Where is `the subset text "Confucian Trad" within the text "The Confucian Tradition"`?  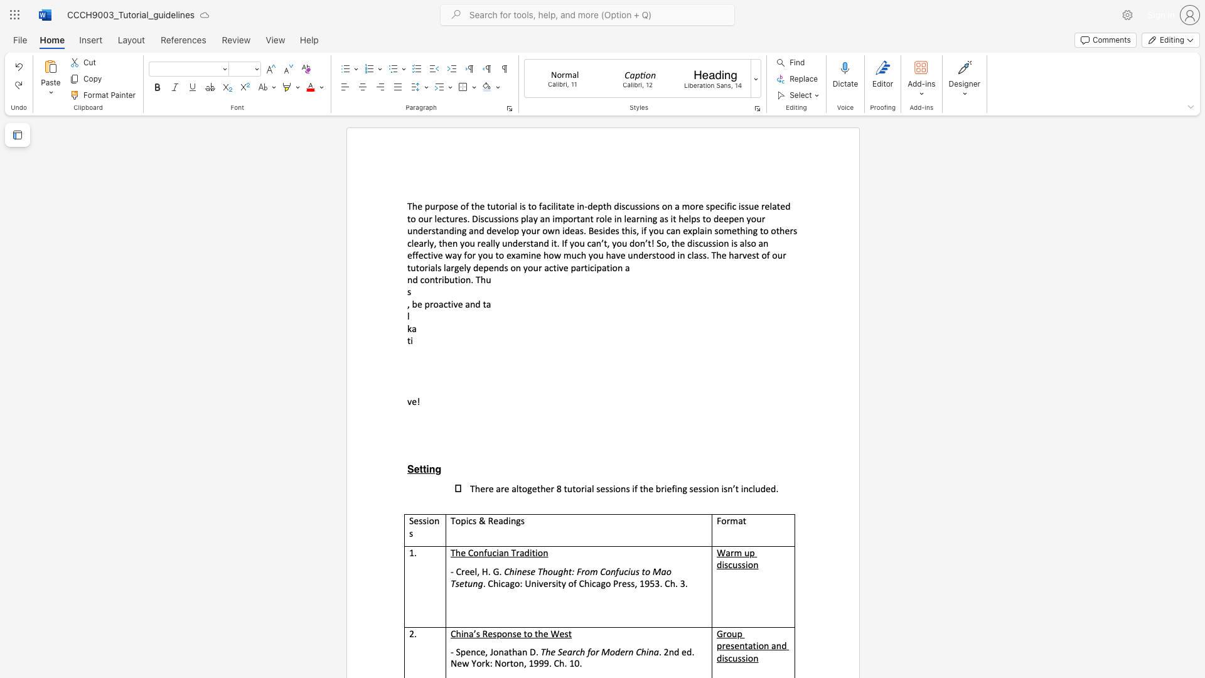 the subset text "Confucian Trad" within the text "The Confucian Tradition" is located at coordinates (467, 552).